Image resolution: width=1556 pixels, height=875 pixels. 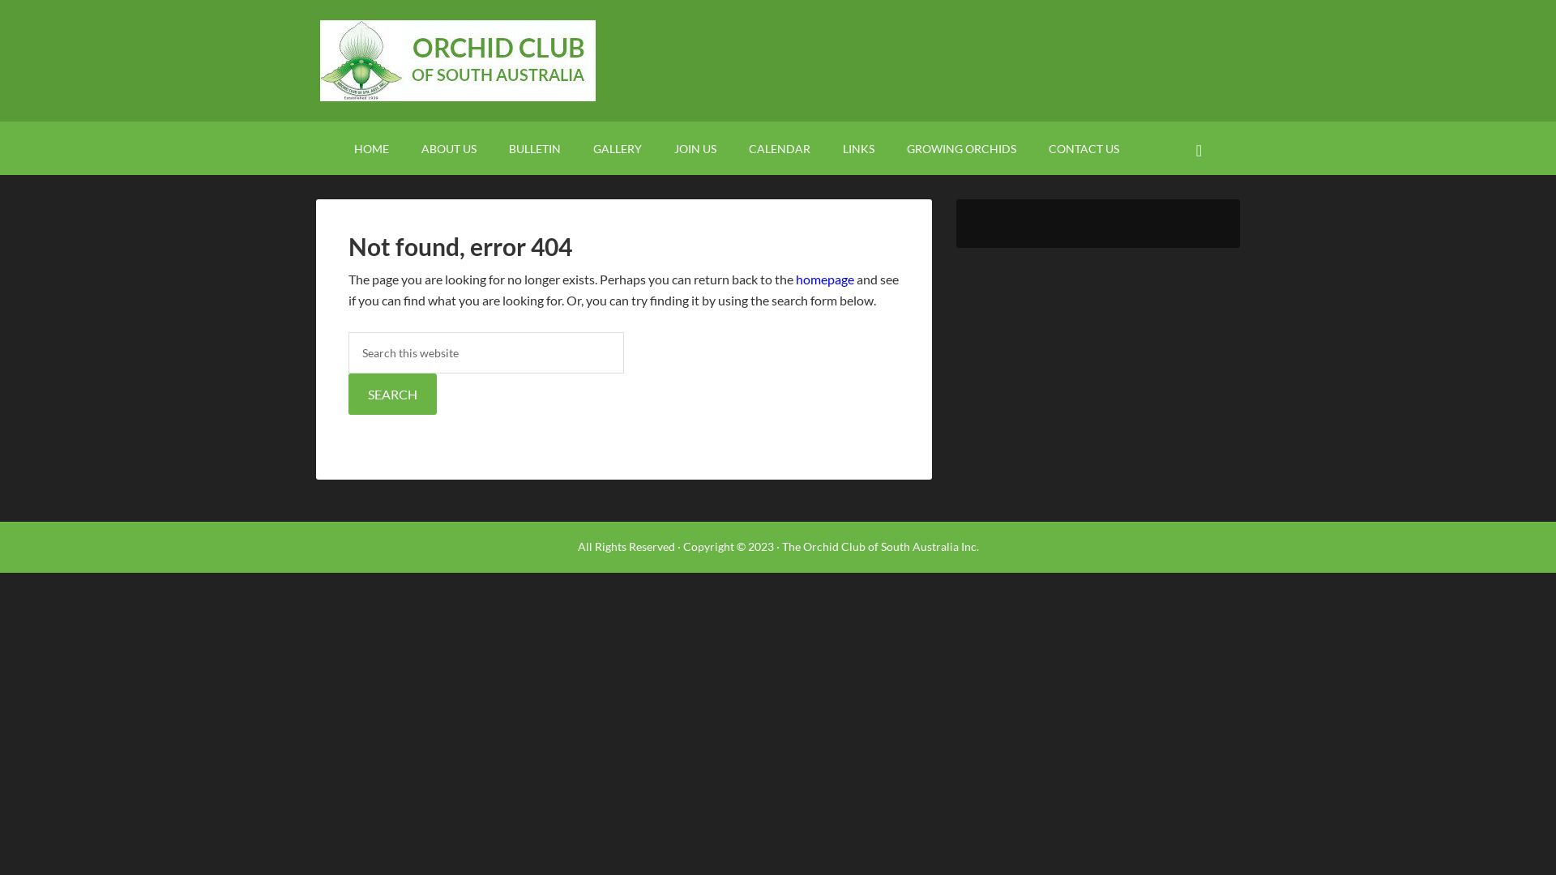 What do you see at coordinates (961, 147) in the screenshot?
I see `'GROWING ORCHIDS'` at bounding box center [961, 147].